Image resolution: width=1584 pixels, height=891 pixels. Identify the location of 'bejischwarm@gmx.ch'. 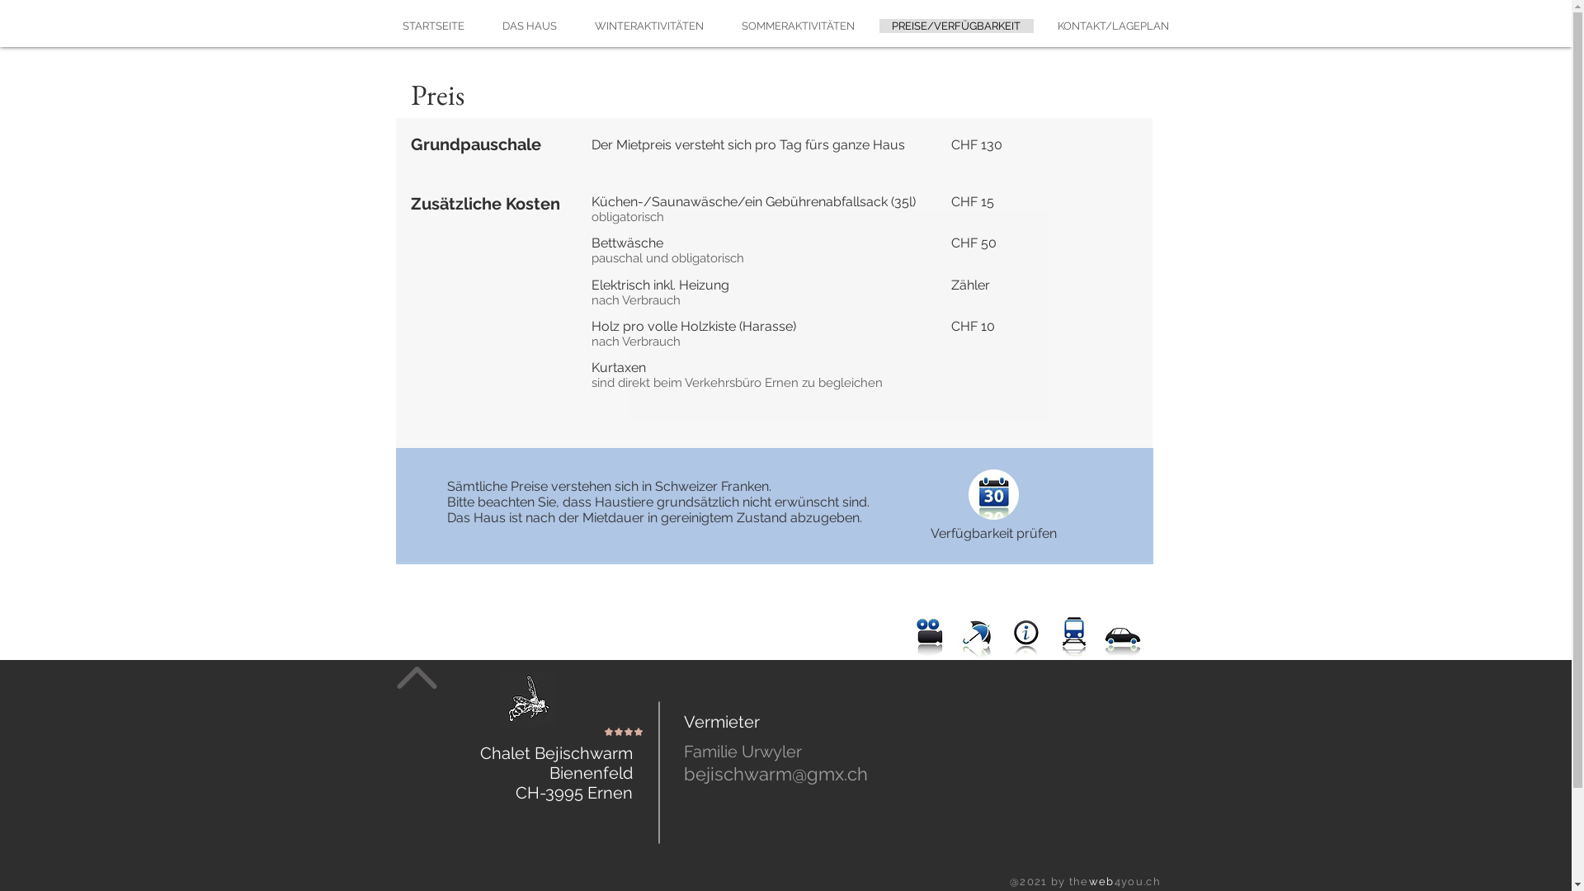
(774, 774).